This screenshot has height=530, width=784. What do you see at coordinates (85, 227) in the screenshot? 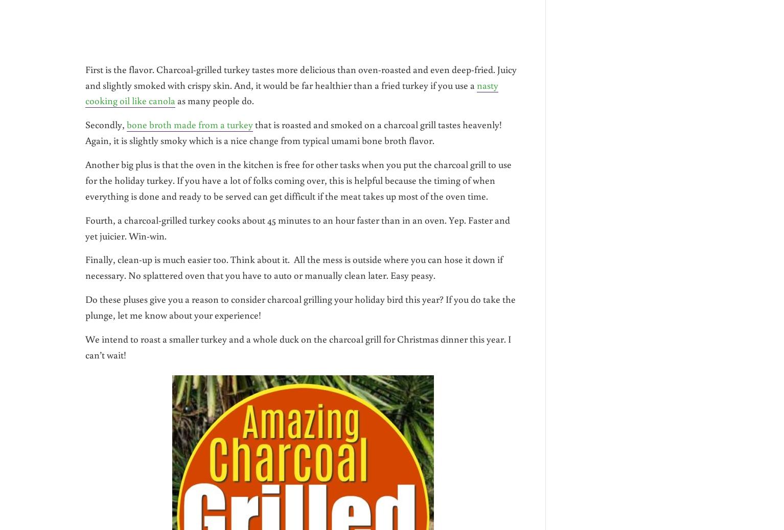
I see `'Fourth, a charcoal-grilled turkey cooks about 45 minutes to an hour faster than in an oven. Yep. Faster and yet juicier. Win-win.'` at bounding box center [85, 227].